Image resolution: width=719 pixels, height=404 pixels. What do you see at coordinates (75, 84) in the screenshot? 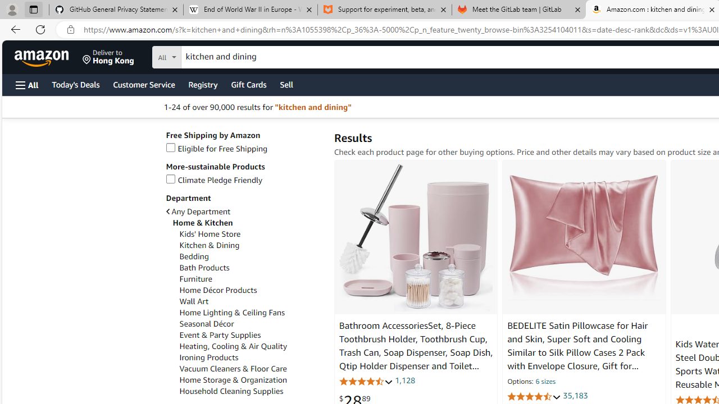
I see `'Today'` at bounding box center [75, 84].